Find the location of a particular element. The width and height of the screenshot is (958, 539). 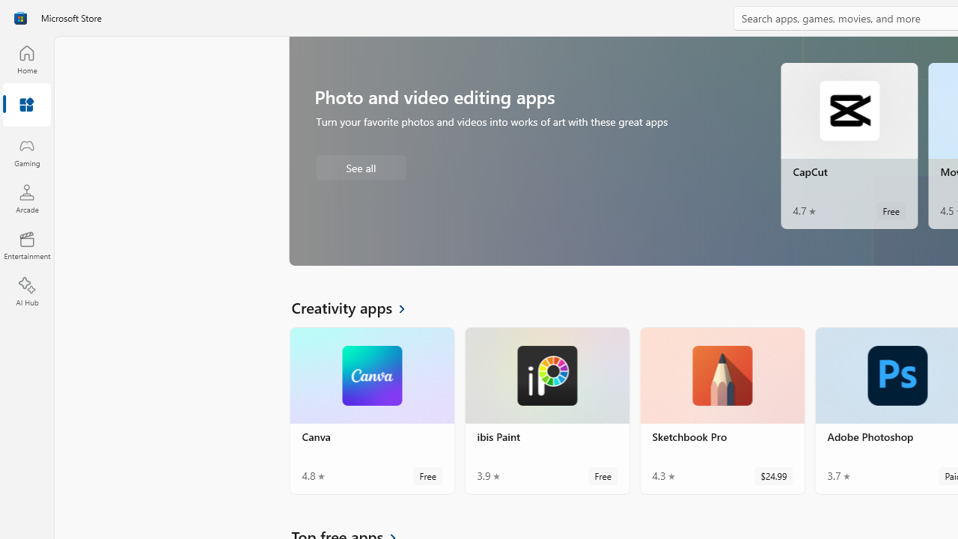

'Gaming' is located at coordinates (26, 152).